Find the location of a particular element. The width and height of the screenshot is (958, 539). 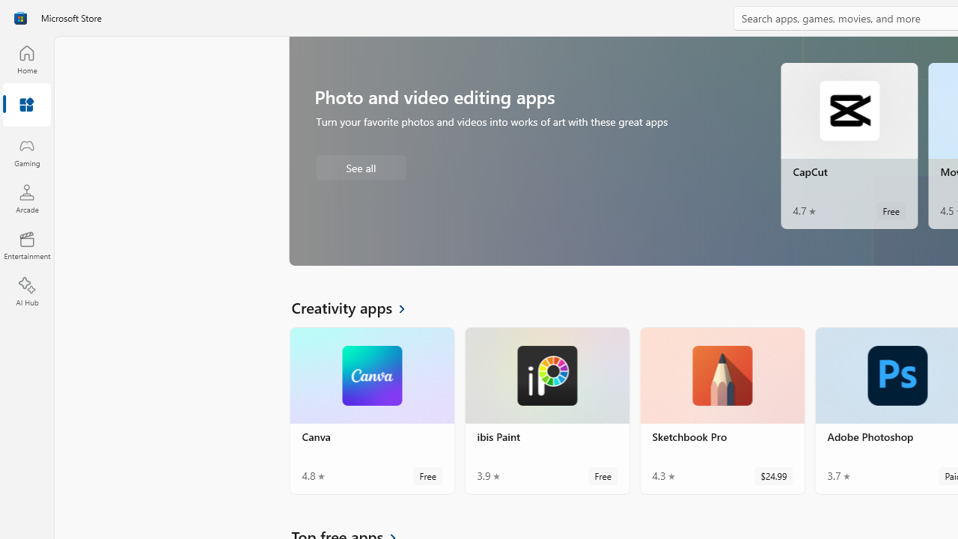

'Gaming' is located at coordinates (26, 152).